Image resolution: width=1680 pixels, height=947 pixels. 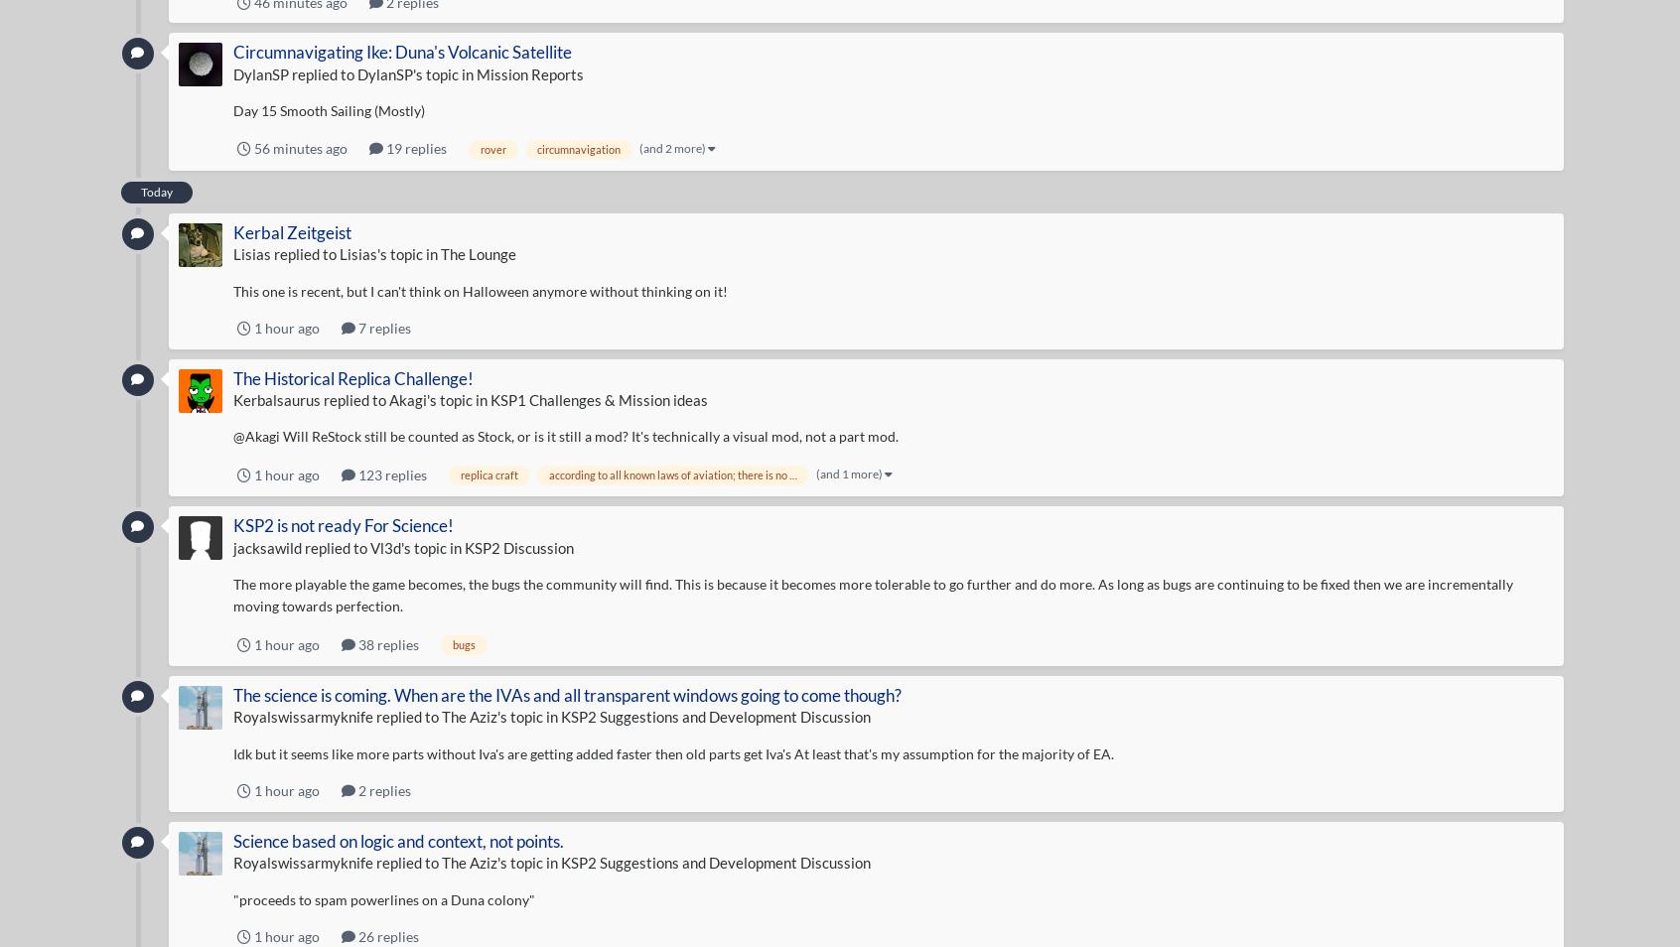 I want to click on '7 replies', so click(x=381, y=328).